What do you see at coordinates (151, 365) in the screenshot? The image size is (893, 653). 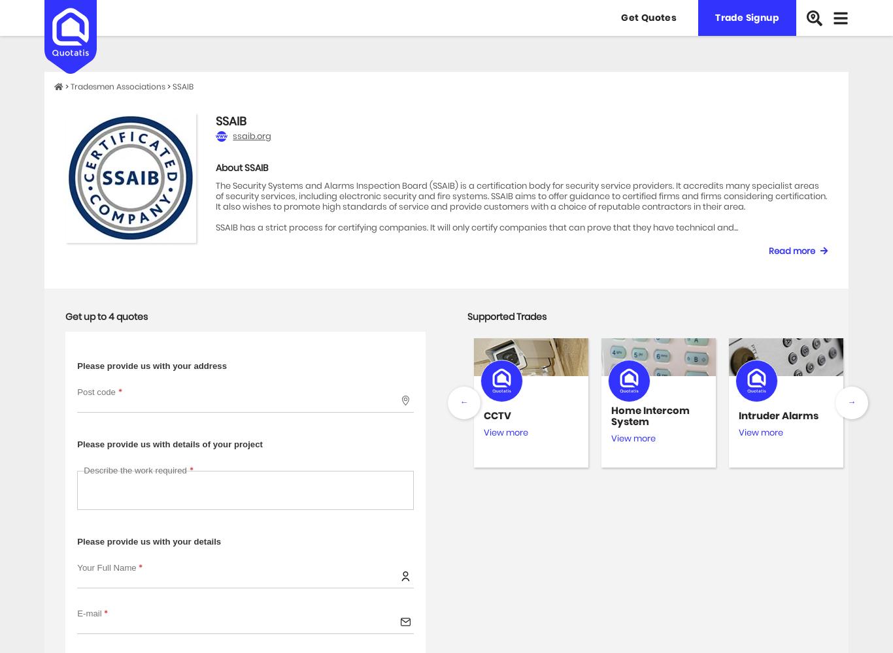 I see `'Please provide us with your address'` at bounding box center [151, 365].